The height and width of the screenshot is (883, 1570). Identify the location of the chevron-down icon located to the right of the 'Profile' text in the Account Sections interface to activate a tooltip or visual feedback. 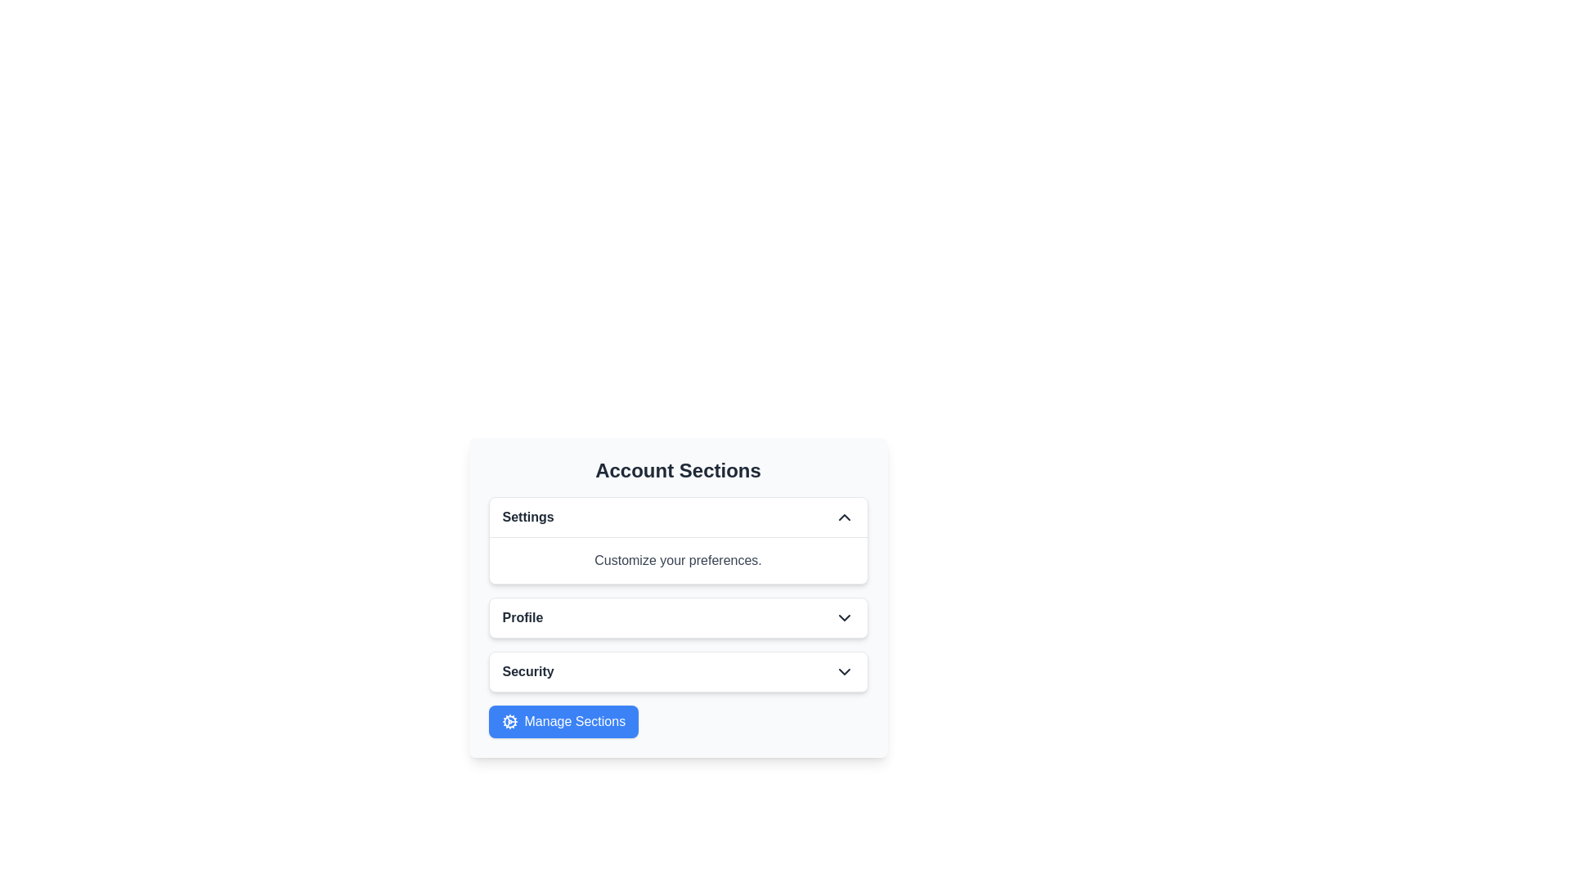
(844, 618).